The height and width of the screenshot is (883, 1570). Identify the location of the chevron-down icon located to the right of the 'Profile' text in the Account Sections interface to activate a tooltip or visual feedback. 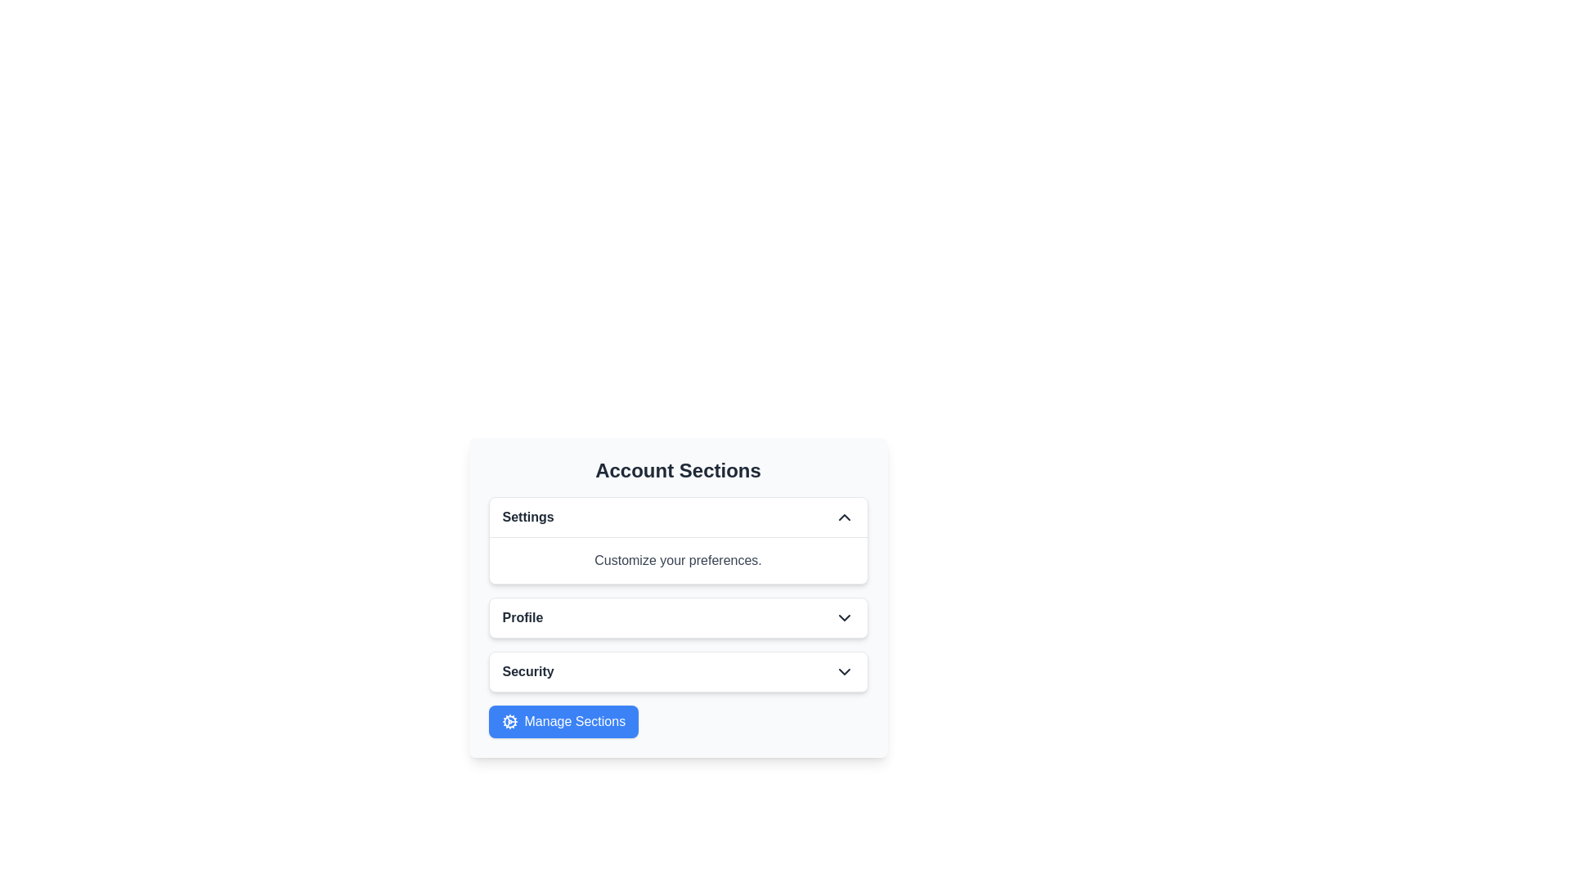
(844, 618).